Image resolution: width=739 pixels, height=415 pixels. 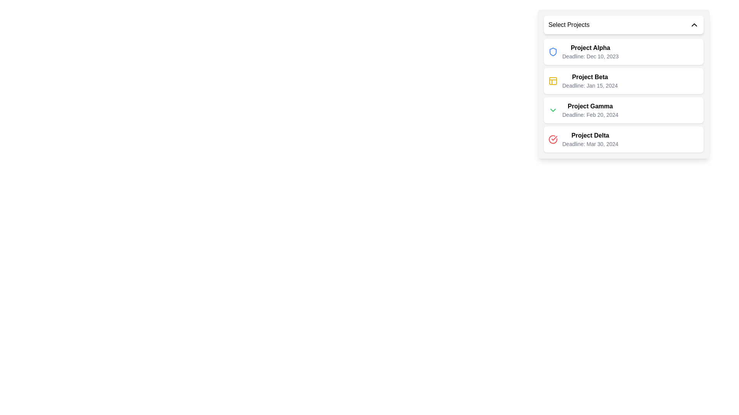 I want to click on the text label displaying 'Deadline: Mar 30, 2024', which is located beneath the header 'Project Delta' in the dropdown list, so click(x=590, y=144).